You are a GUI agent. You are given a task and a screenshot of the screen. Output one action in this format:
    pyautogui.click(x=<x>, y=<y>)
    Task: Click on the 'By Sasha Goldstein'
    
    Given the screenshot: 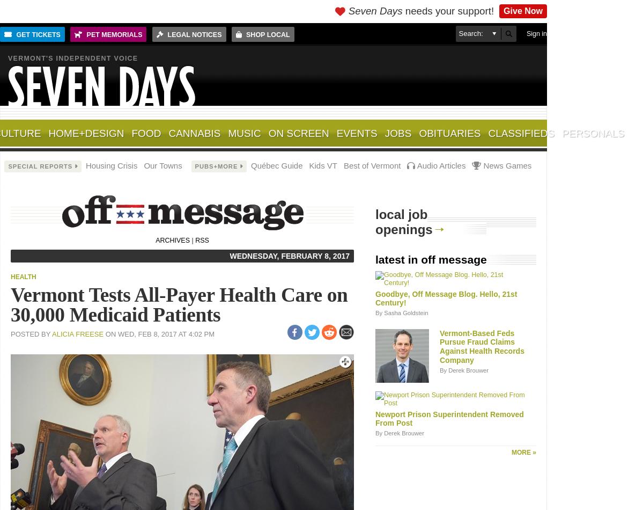 What is the action you would take?
    pyautogui.click(x=401, y=313)
    